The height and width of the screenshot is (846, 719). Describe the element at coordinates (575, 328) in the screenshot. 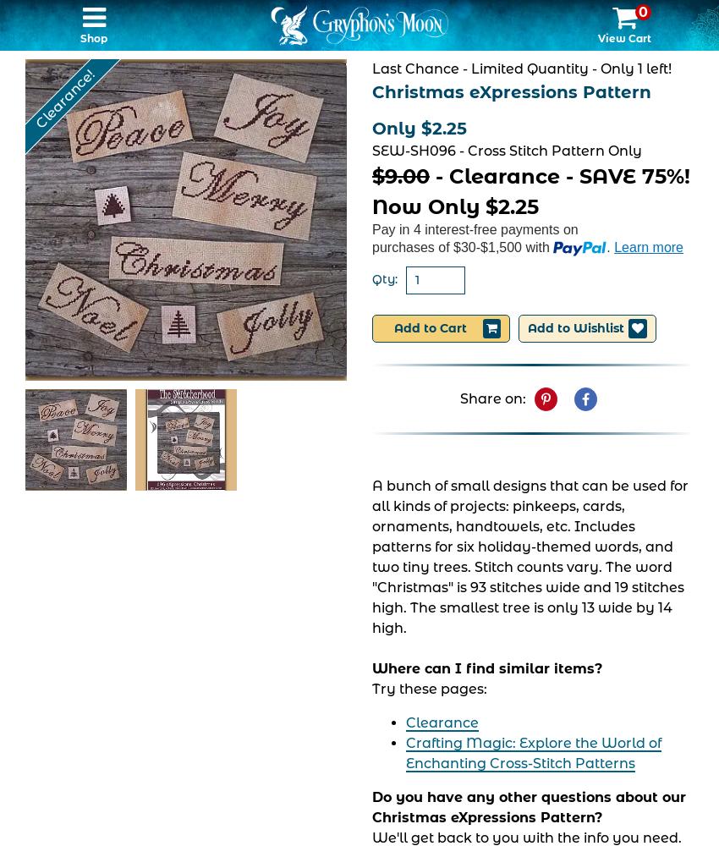

I see `'Add to Wishlist'` at that location.